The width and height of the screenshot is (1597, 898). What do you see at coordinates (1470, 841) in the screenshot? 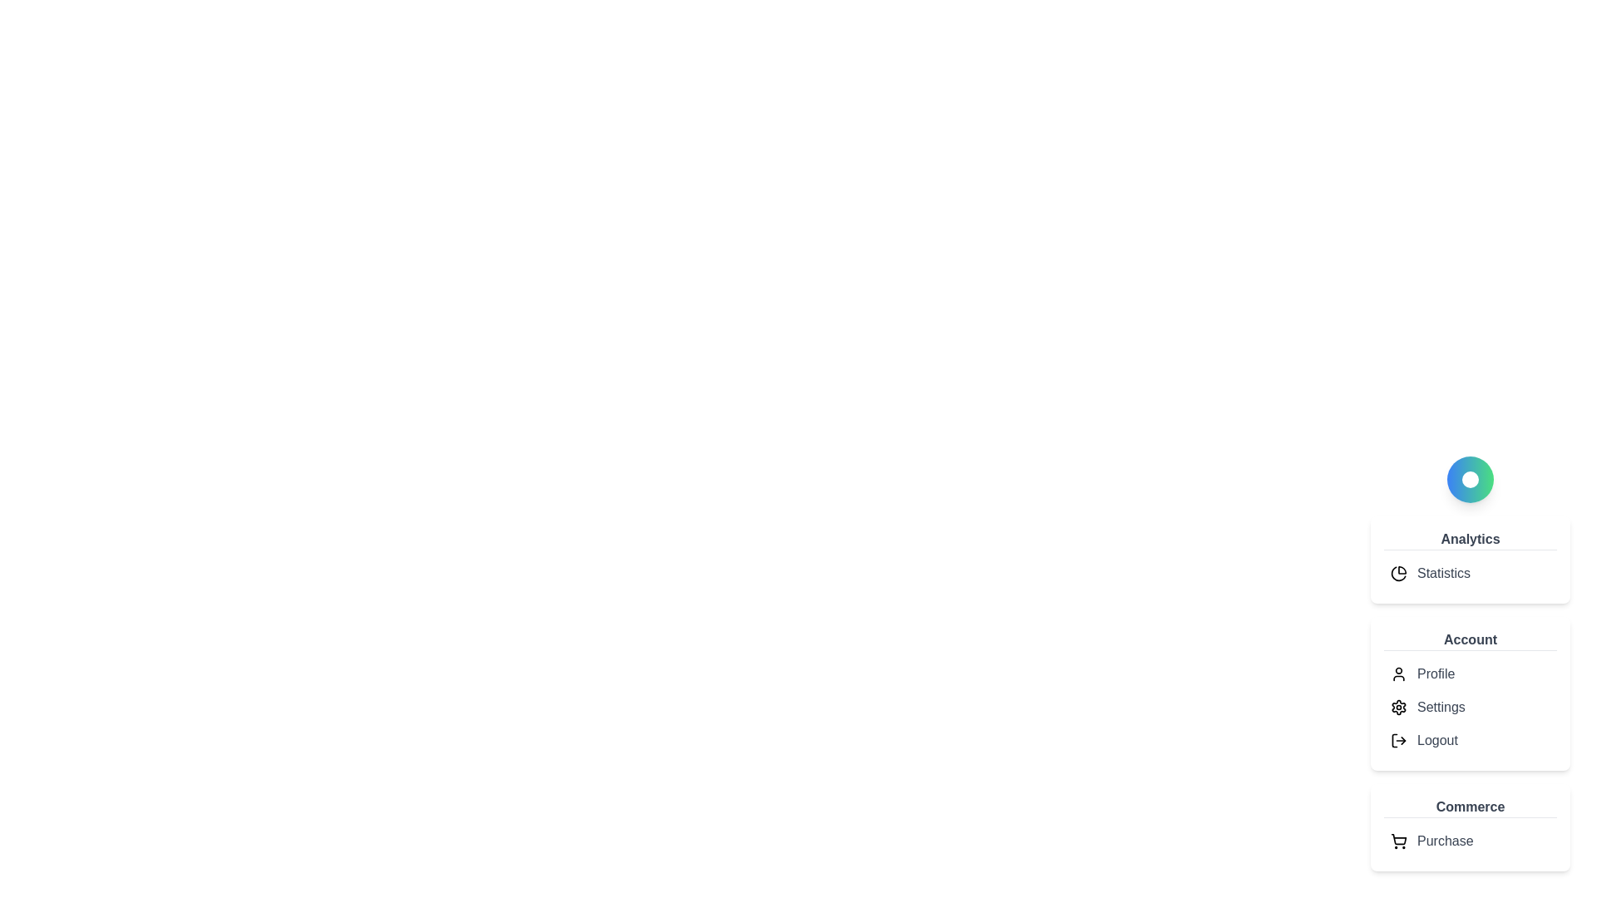
I see `the 'Purchase' option in the Commerce category` at bounding box center [1470, 841].